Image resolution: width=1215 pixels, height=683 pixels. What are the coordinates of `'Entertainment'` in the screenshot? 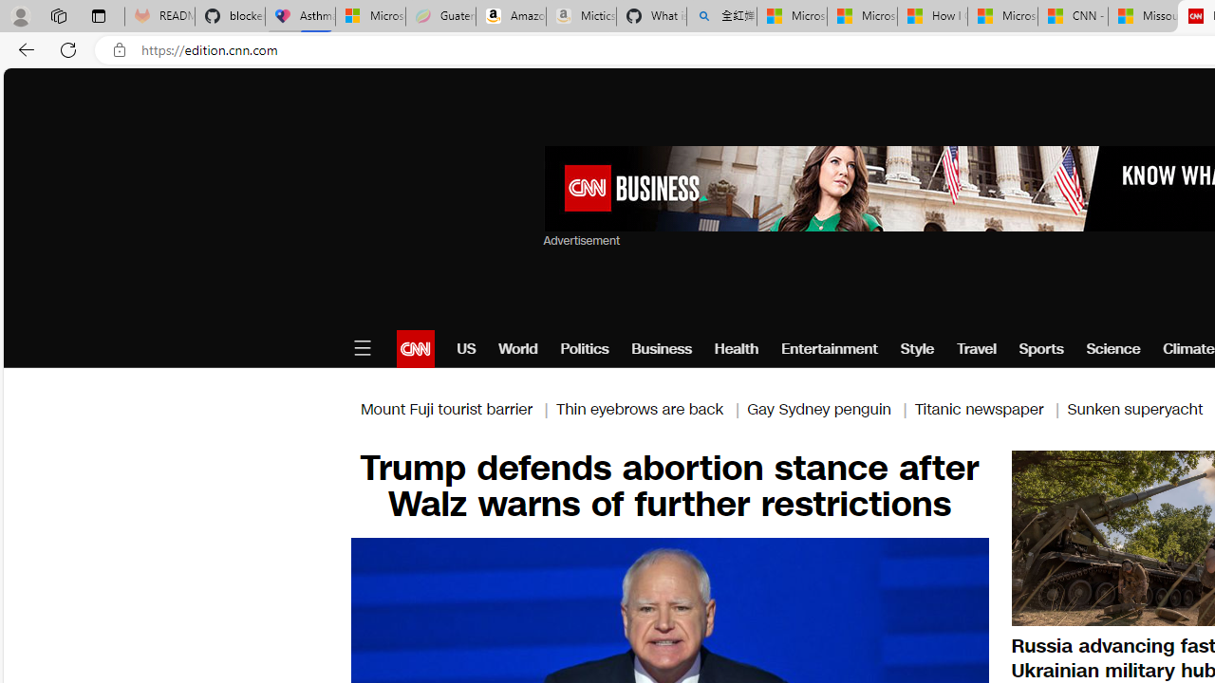 It's located at (830, 348).